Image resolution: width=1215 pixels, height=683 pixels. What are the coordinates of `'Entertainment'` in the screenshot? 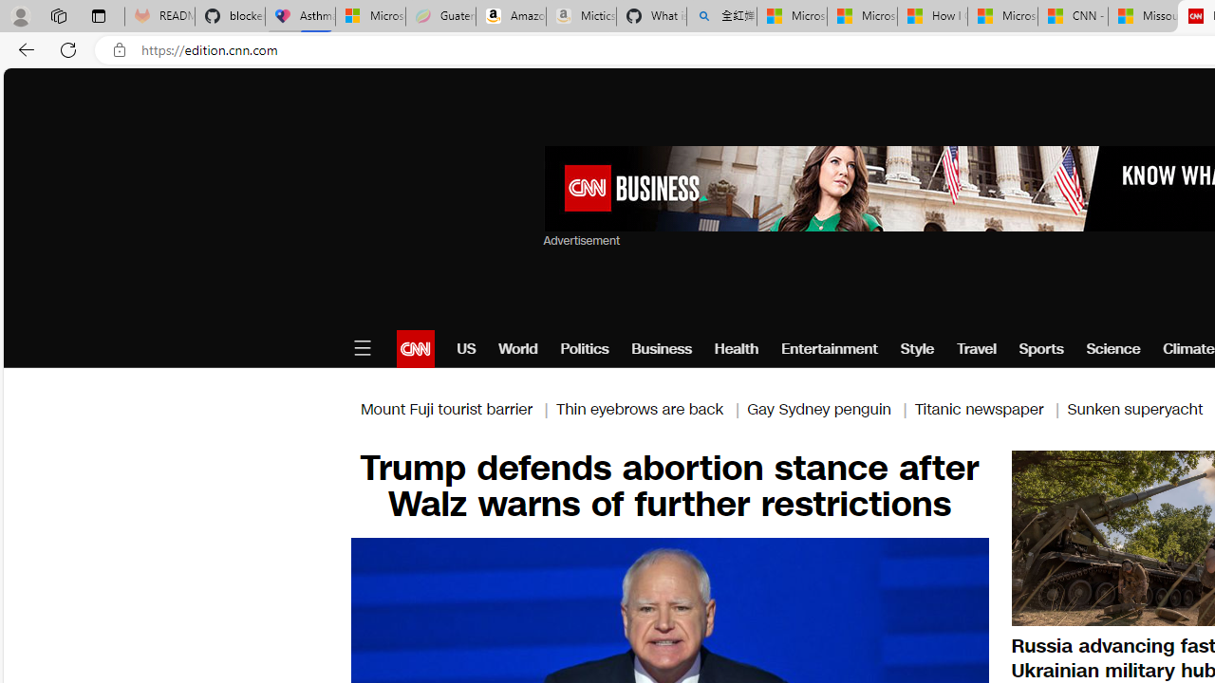 It's located at (830, 348).